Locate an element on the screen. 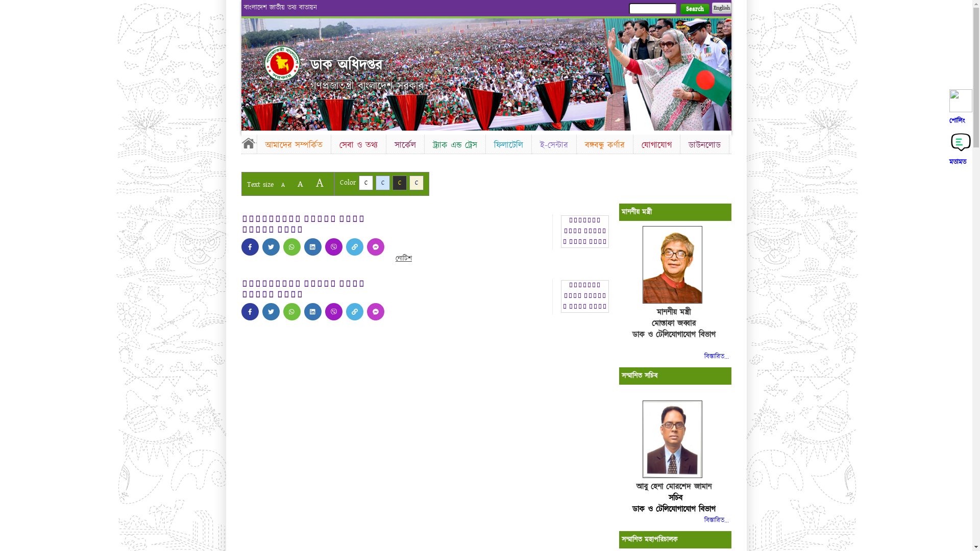 Image resolution: width=980 pixels, height=551 pixels. 'English' is located at coordinates (720, 8).